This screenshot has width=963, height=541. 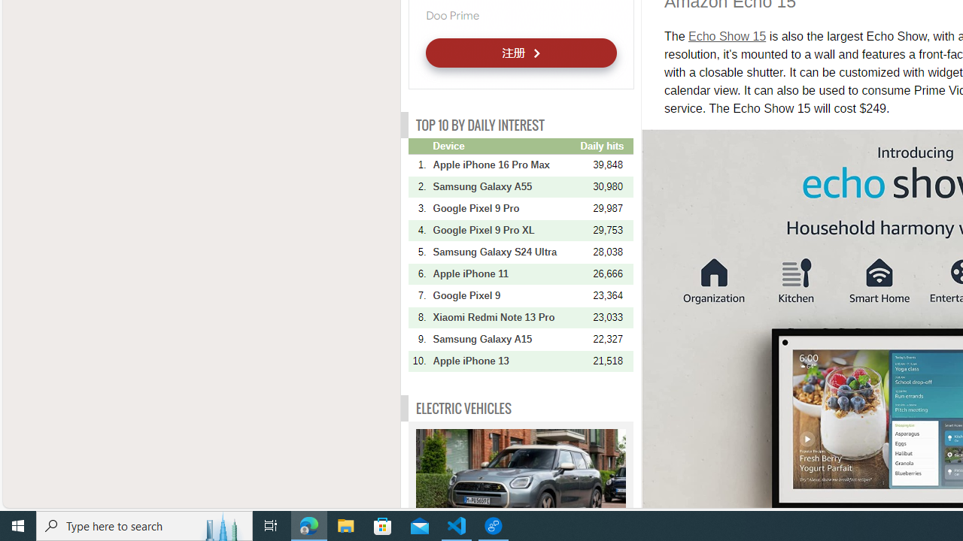 What do you see at coordinates (505, 230) in the screenshot?
I see `'Google Pixel 9 Pro XL'` at bounding box center [505, 230].